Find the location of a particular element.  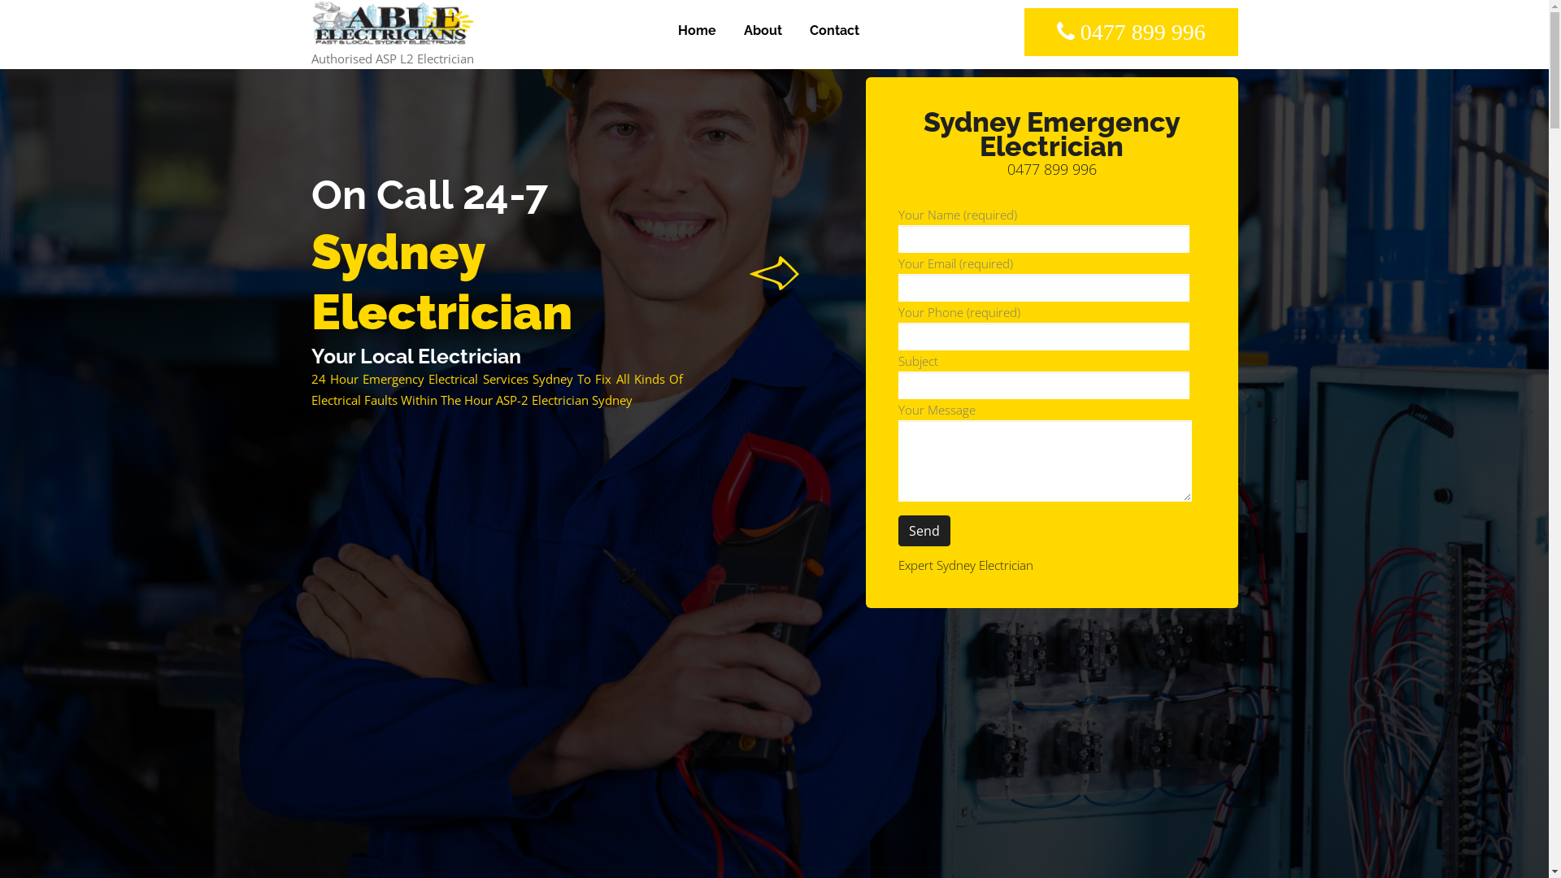

'Send' is located at coordinates (924, 530).